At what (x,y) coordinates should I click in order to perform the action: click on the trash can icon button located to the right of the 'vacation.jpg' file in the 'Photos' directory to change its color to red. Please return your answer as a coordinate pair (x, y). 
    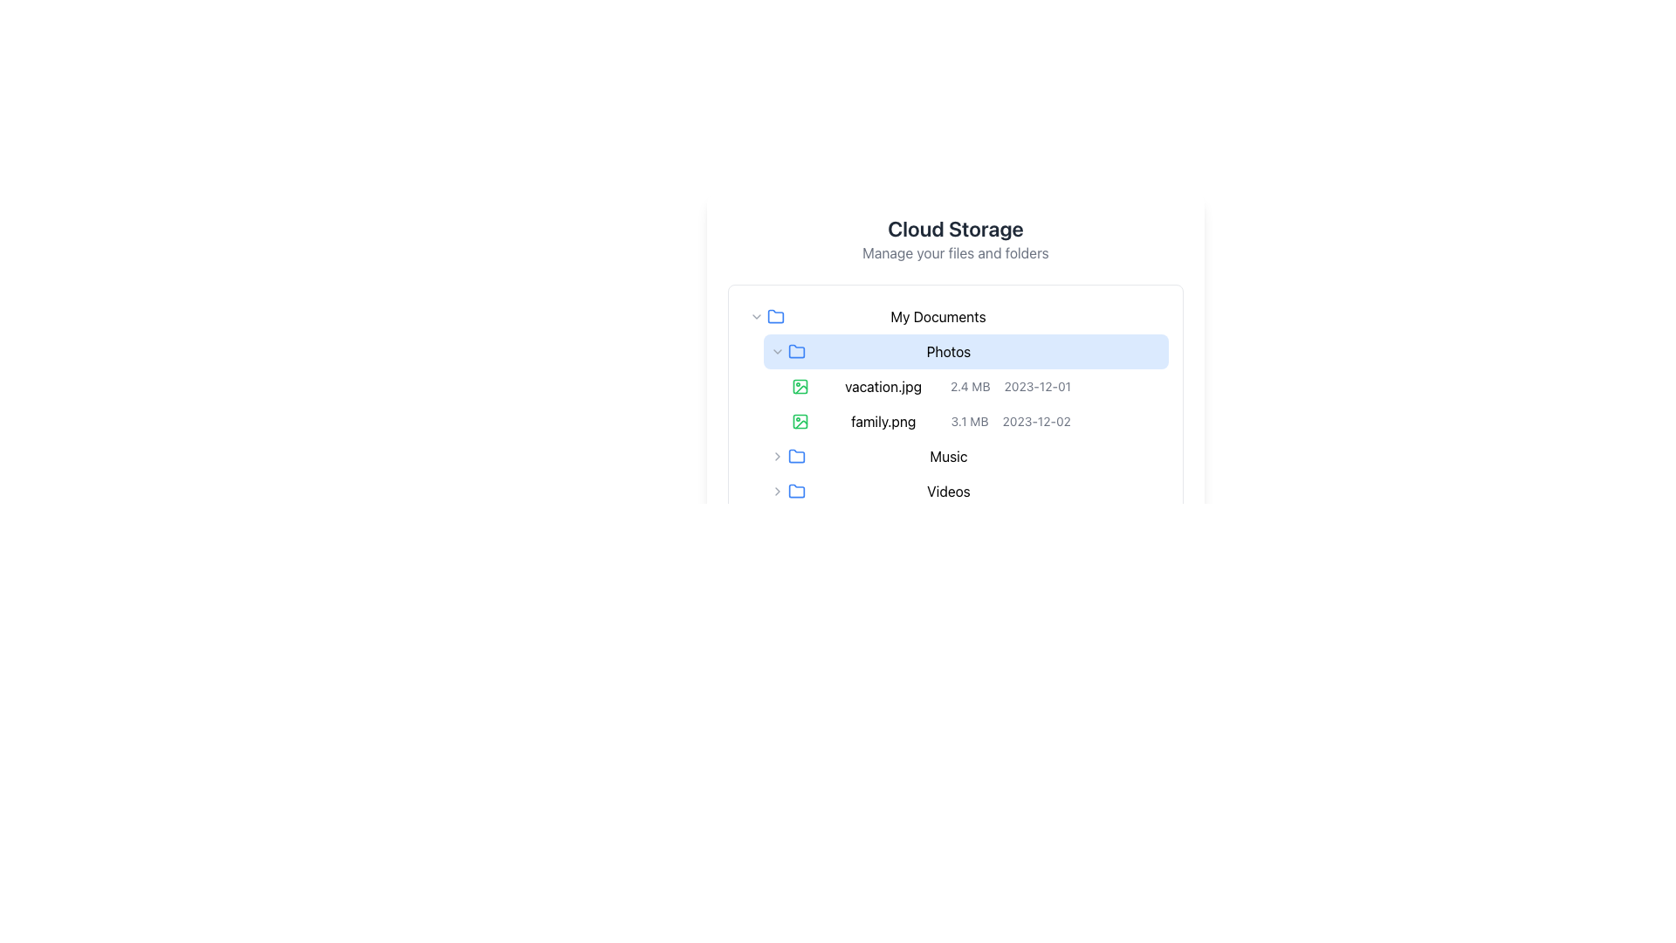
    Looking at the image, I should click on (1134, 386).